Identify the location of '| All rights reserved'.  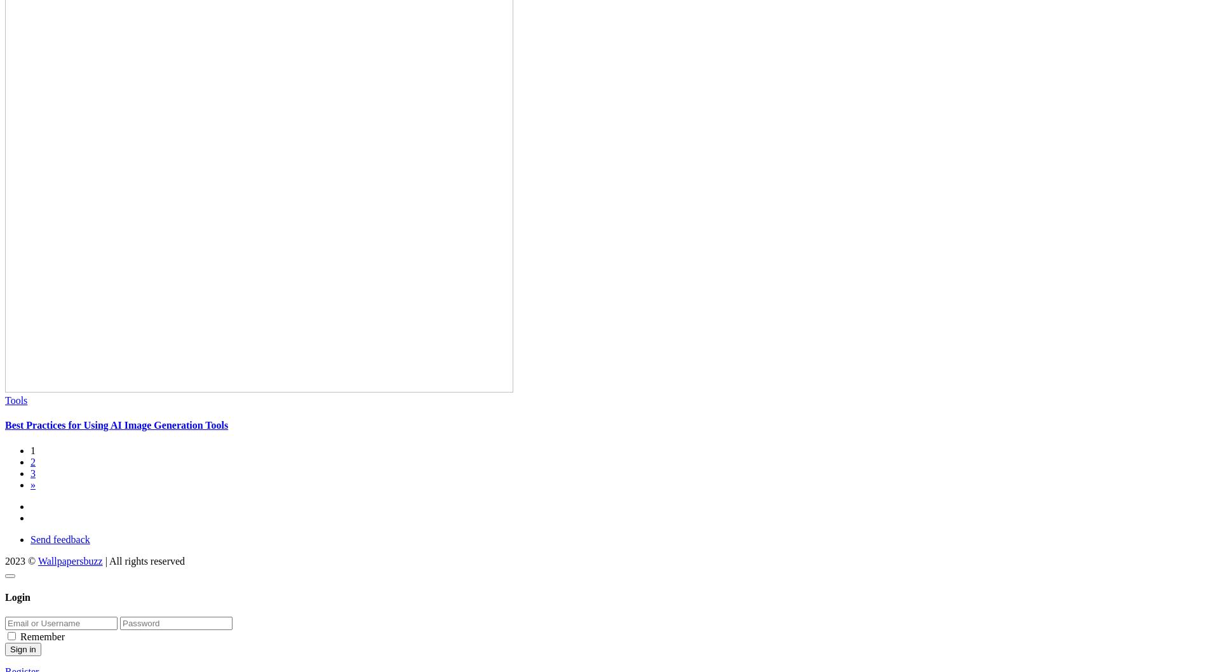
(143, 560).